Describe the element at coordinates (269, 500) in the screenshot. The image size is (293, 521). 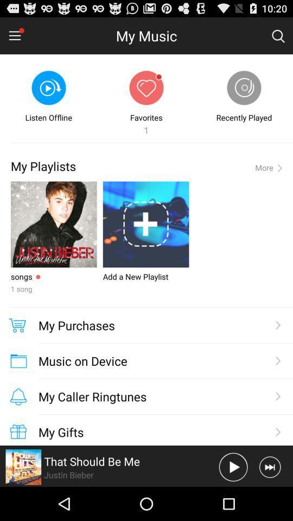
I see `the skip_next icon` at that location.